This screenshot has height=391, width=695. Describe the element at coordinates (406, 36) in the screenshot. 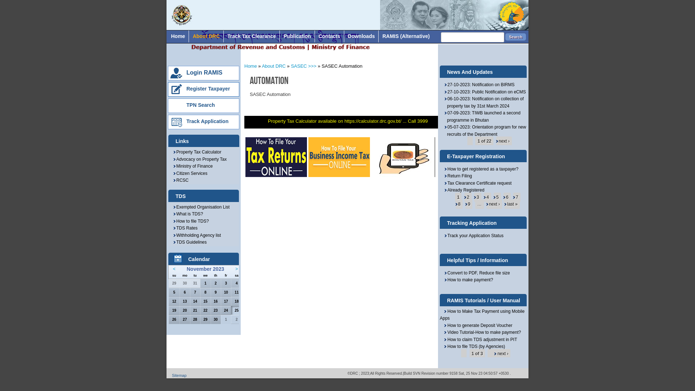

I see `'RAMIS (Alternative)'` at that location.